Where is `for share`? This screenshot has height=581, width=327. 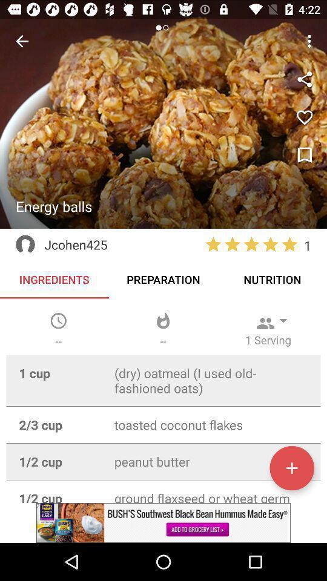 for share is located at coordinates (304, 79).